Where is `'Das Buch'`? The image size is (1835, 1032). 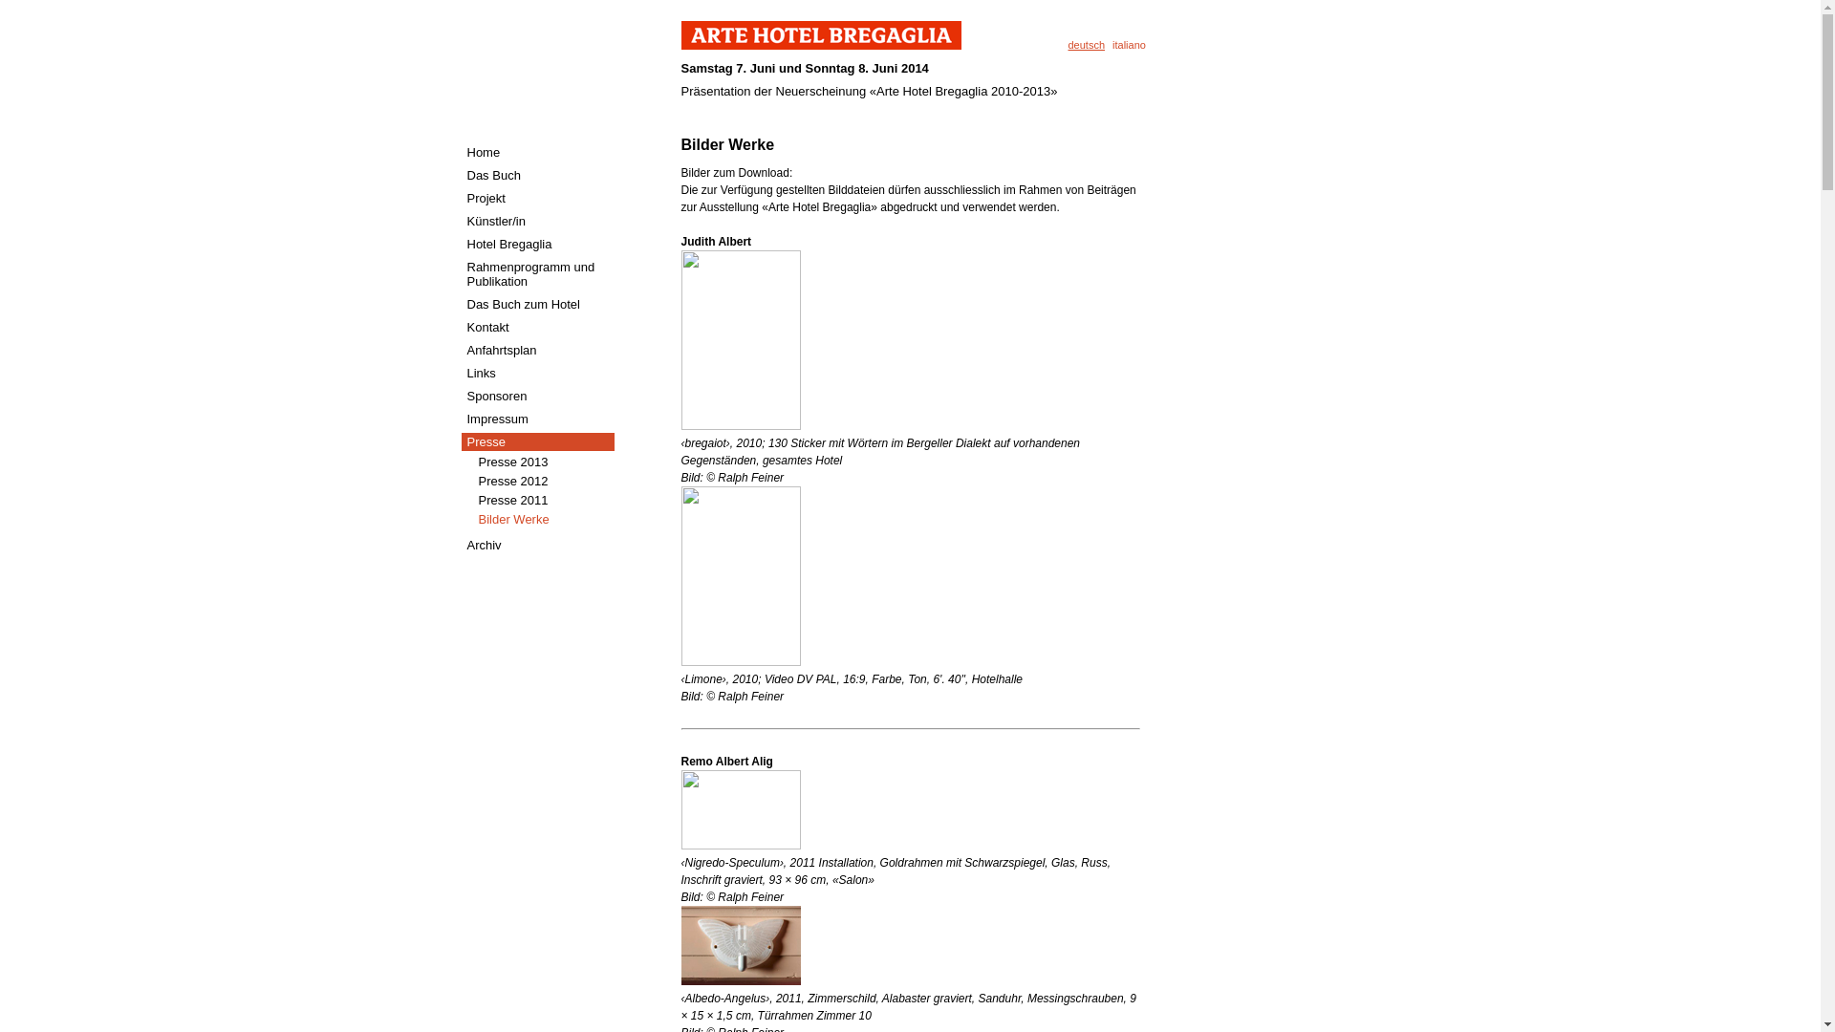
'Das Buch' is located at coordinates (535, 175).